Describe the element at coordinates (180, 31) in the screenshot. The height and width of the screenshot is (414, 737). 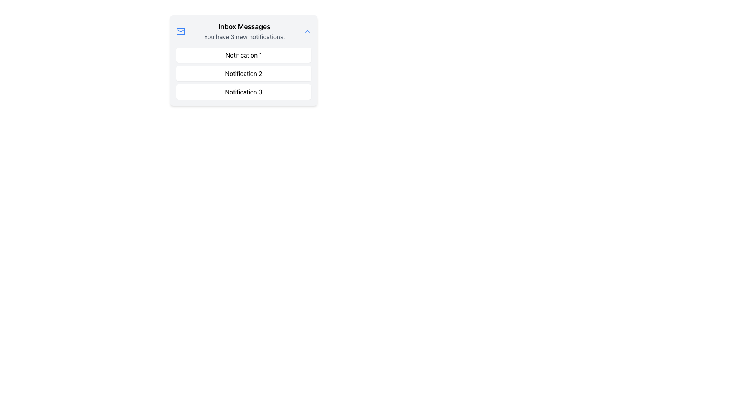
I see `the blue outlined mail icon located at the top-left corner of the 'Inbox Messages' section` at that location.